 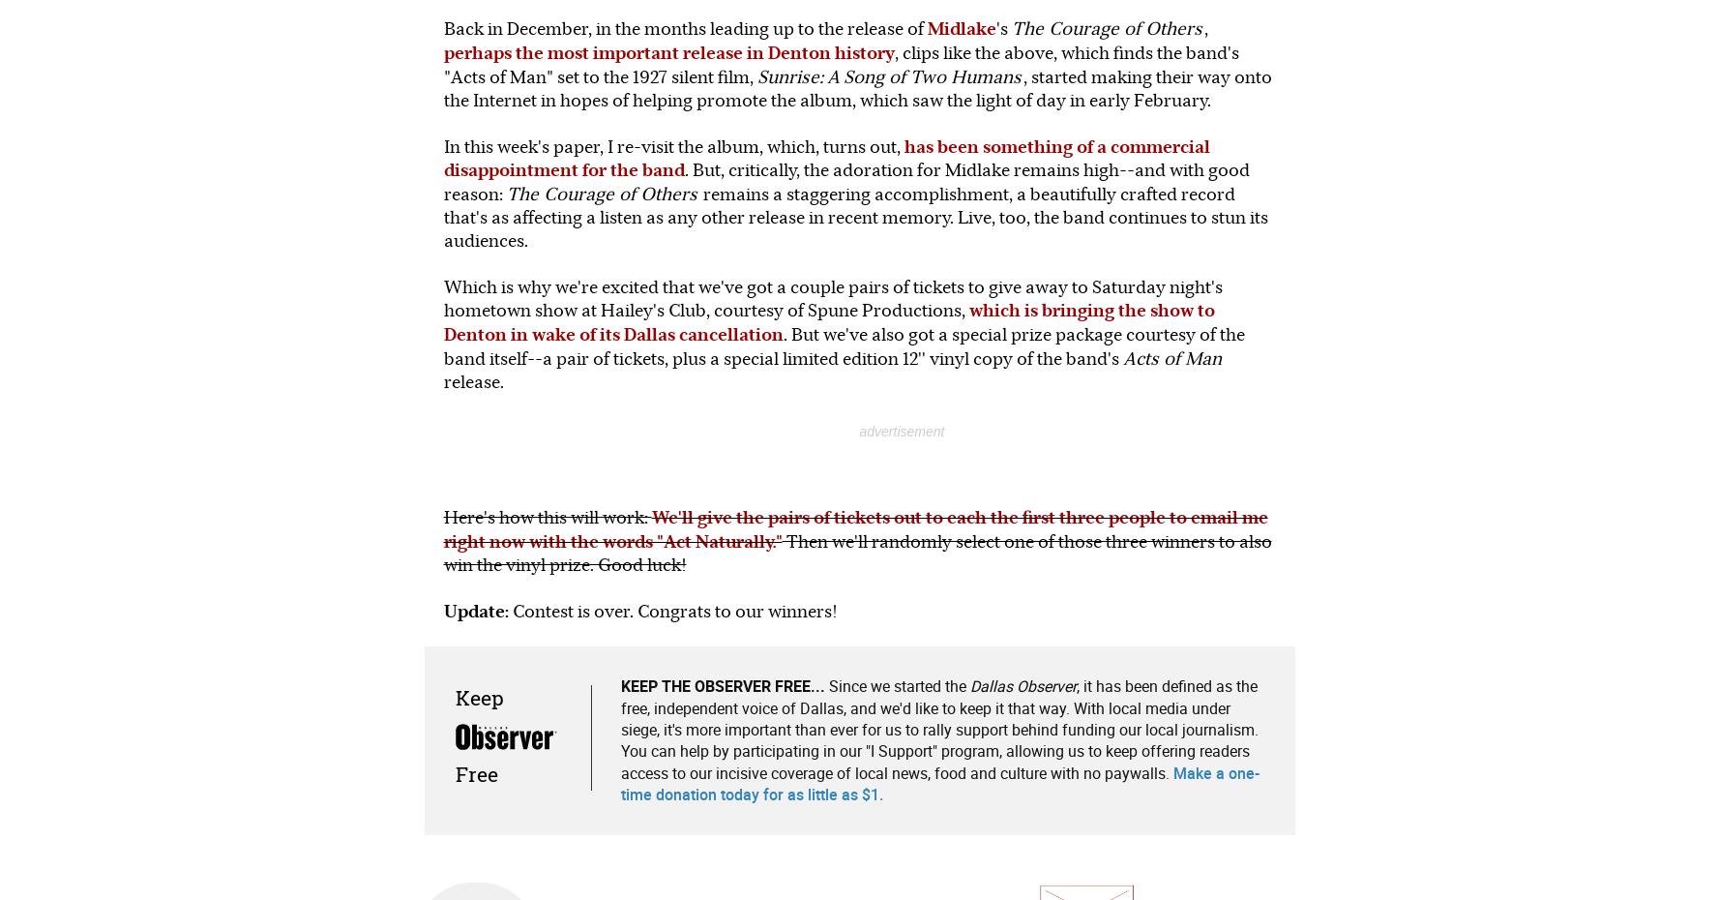 I want to click on ', it has been defined as the free, independent voice of Dallas, and we'd like to keep it that way. With local media under siege, it's more important than ever for us to rally support behind funding our local journalism. You can help by participating in our "I Support" program, allowing us to keep offering readers access to our incisive coverage of local news, food and culture with no paywalls.', so click(x=937, y=729).